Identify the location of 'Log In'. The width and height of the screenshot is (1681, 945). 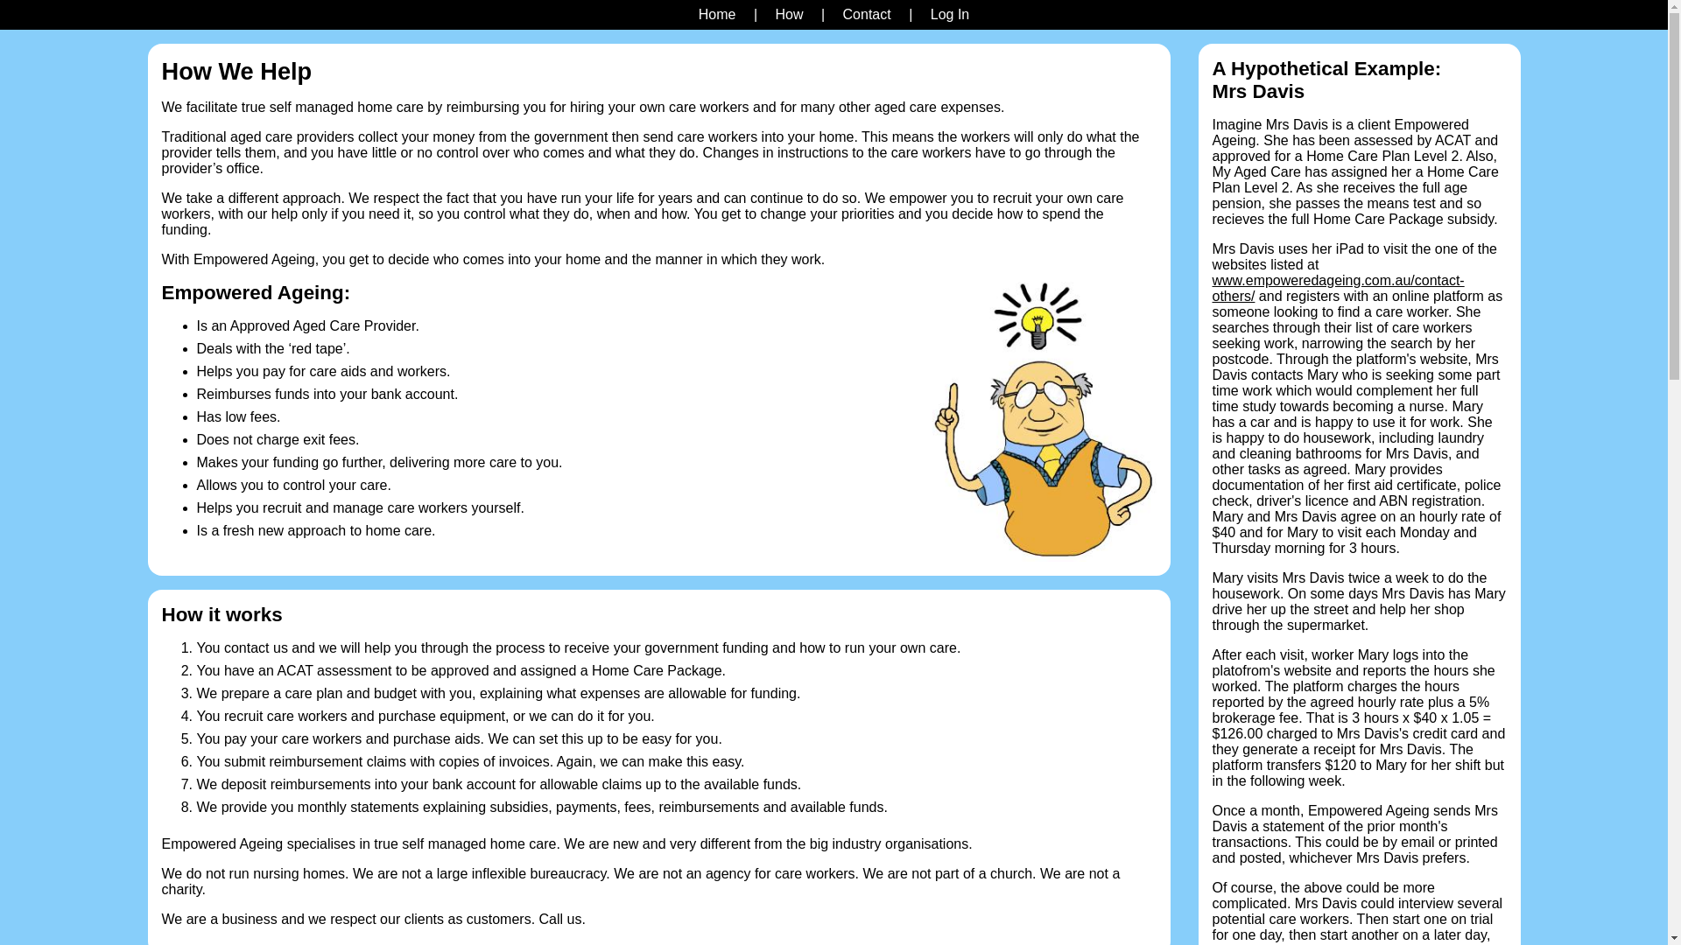
(923, 14).